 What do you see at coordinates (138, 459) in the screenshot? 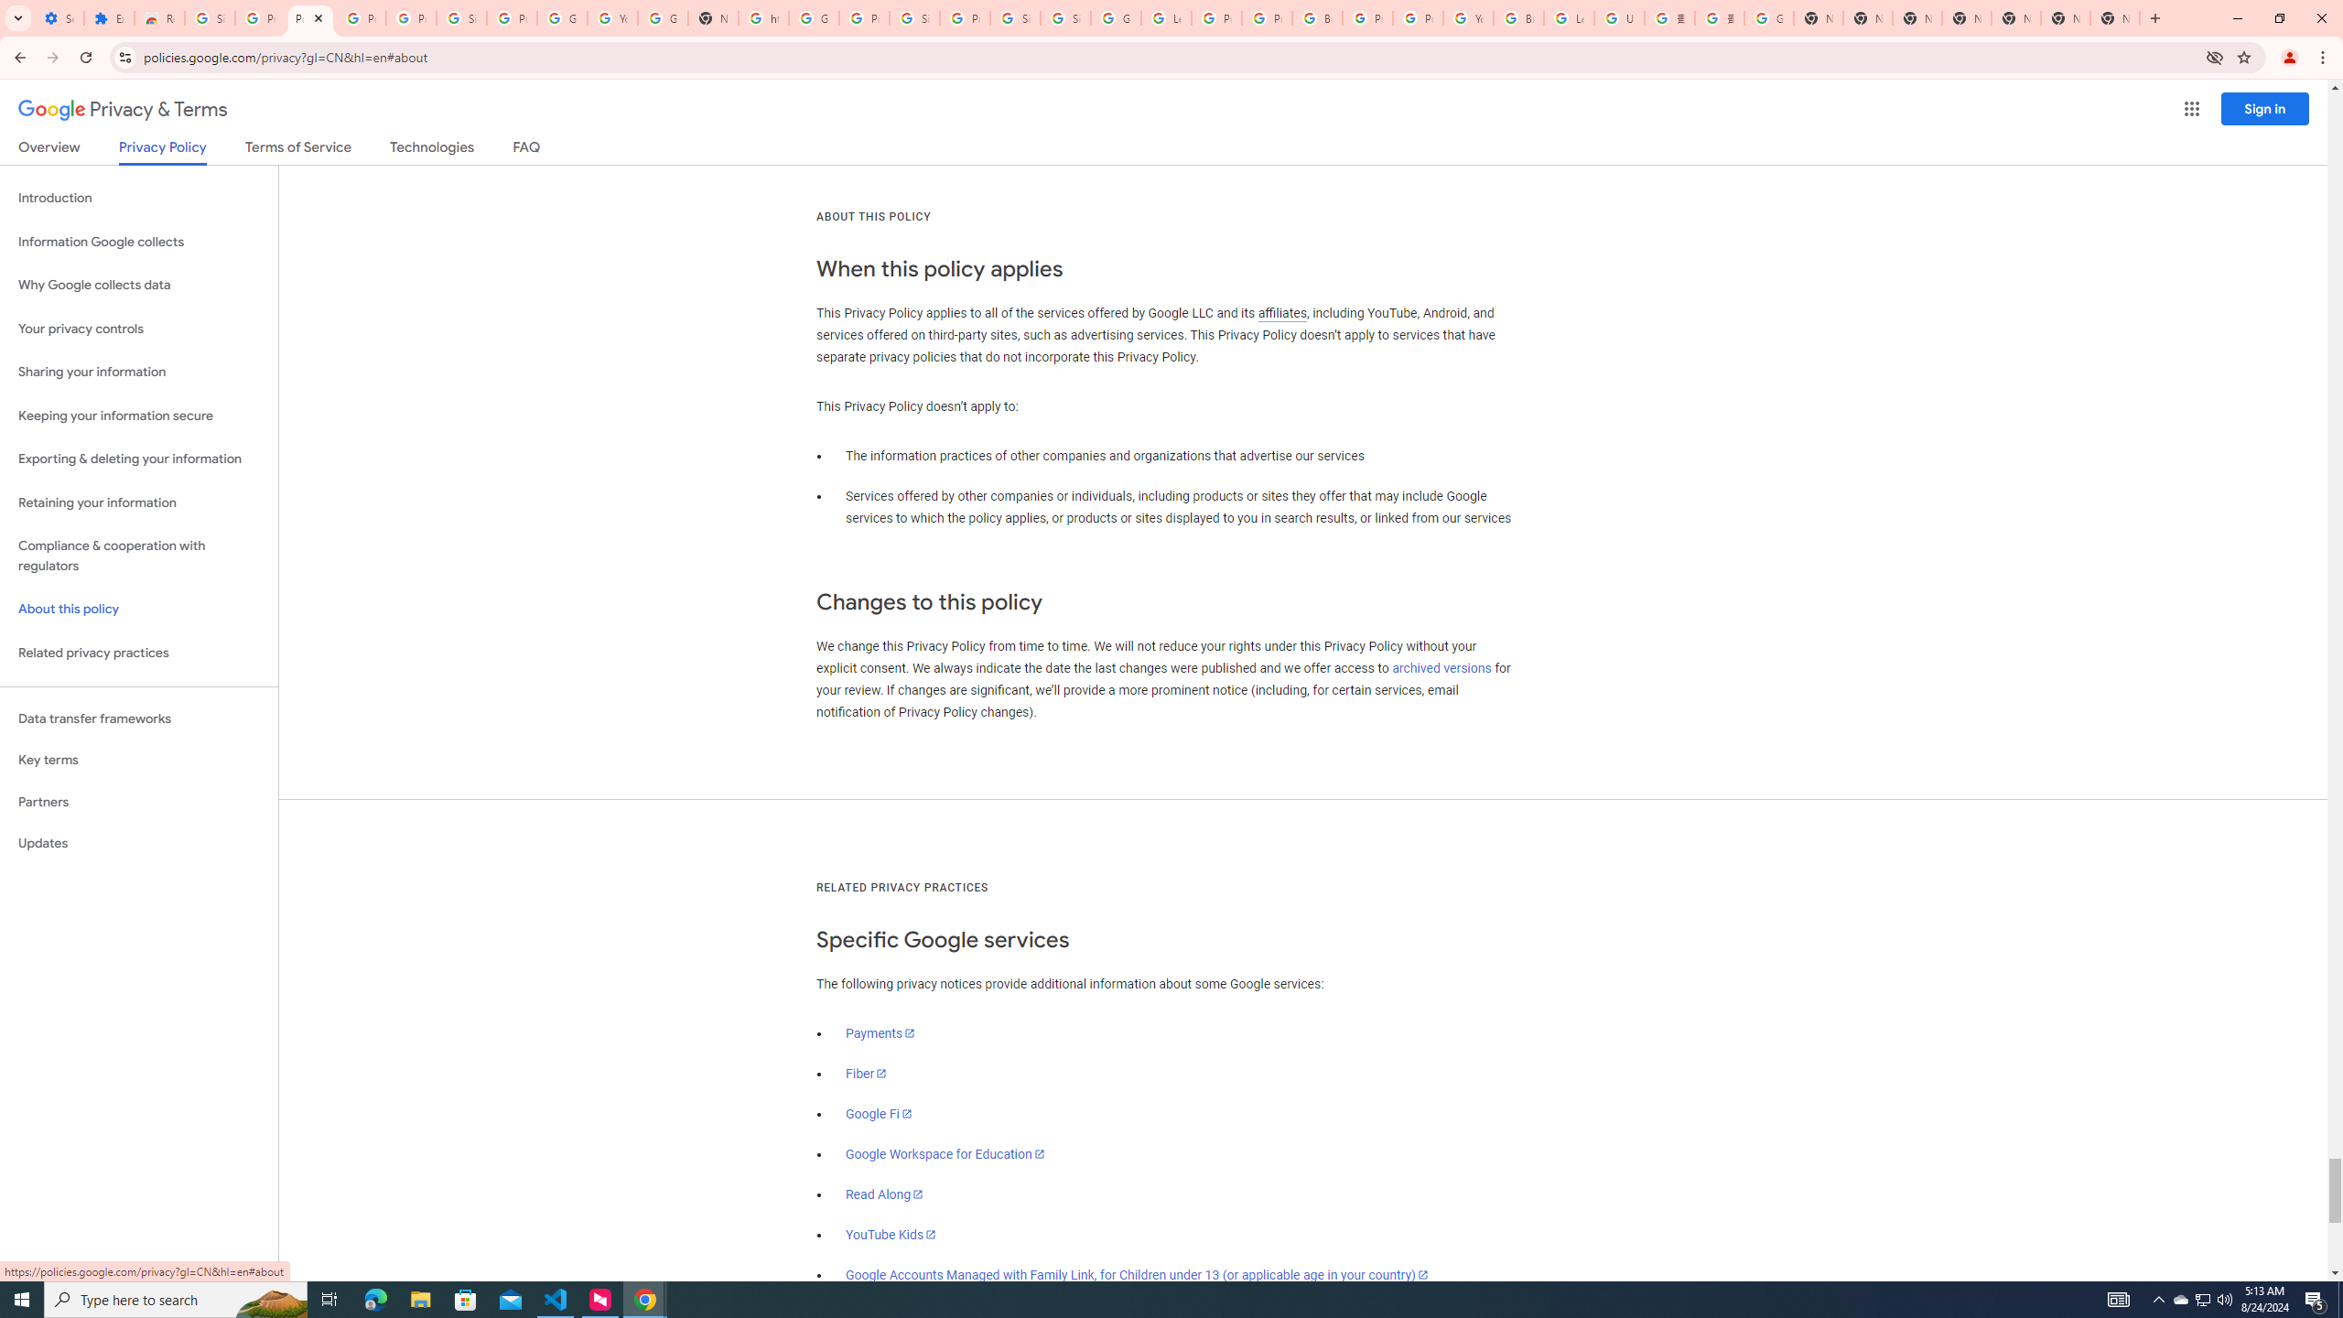
I see `'Exporting & deleting your information'` at bounding box center [138, 459].